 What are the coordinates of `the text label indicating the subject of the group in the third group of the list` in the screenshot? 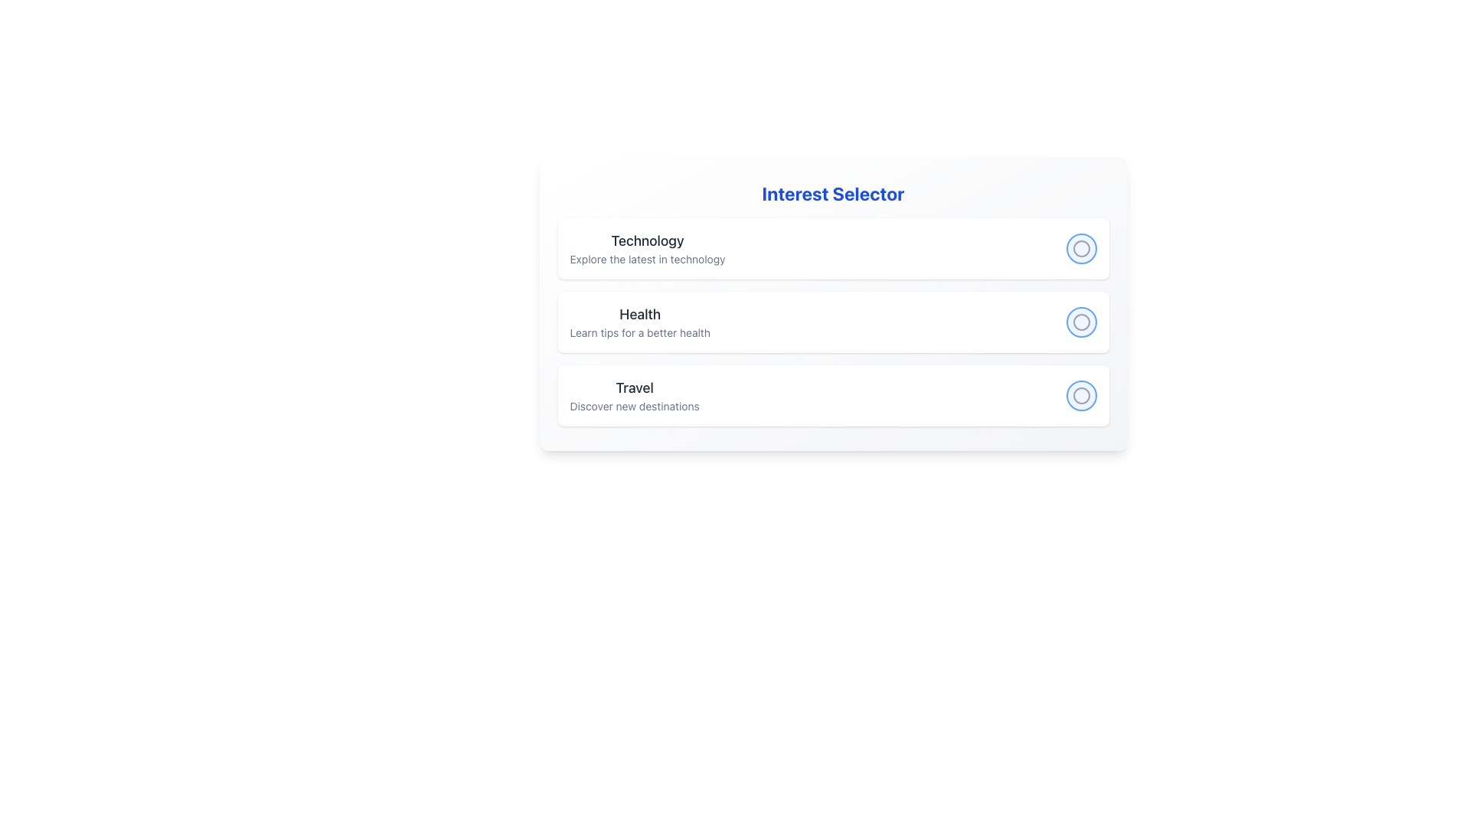 It's located at (635, 387).